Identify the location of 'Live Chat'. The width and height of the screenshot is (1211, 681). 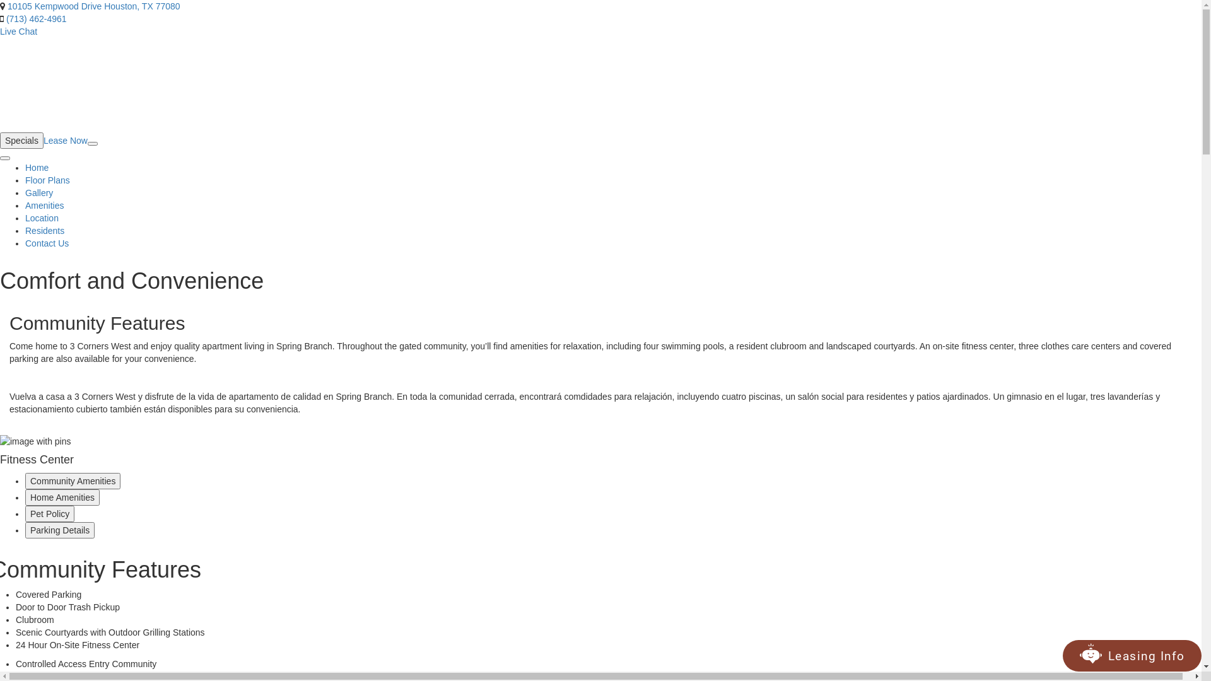
(18, 31).